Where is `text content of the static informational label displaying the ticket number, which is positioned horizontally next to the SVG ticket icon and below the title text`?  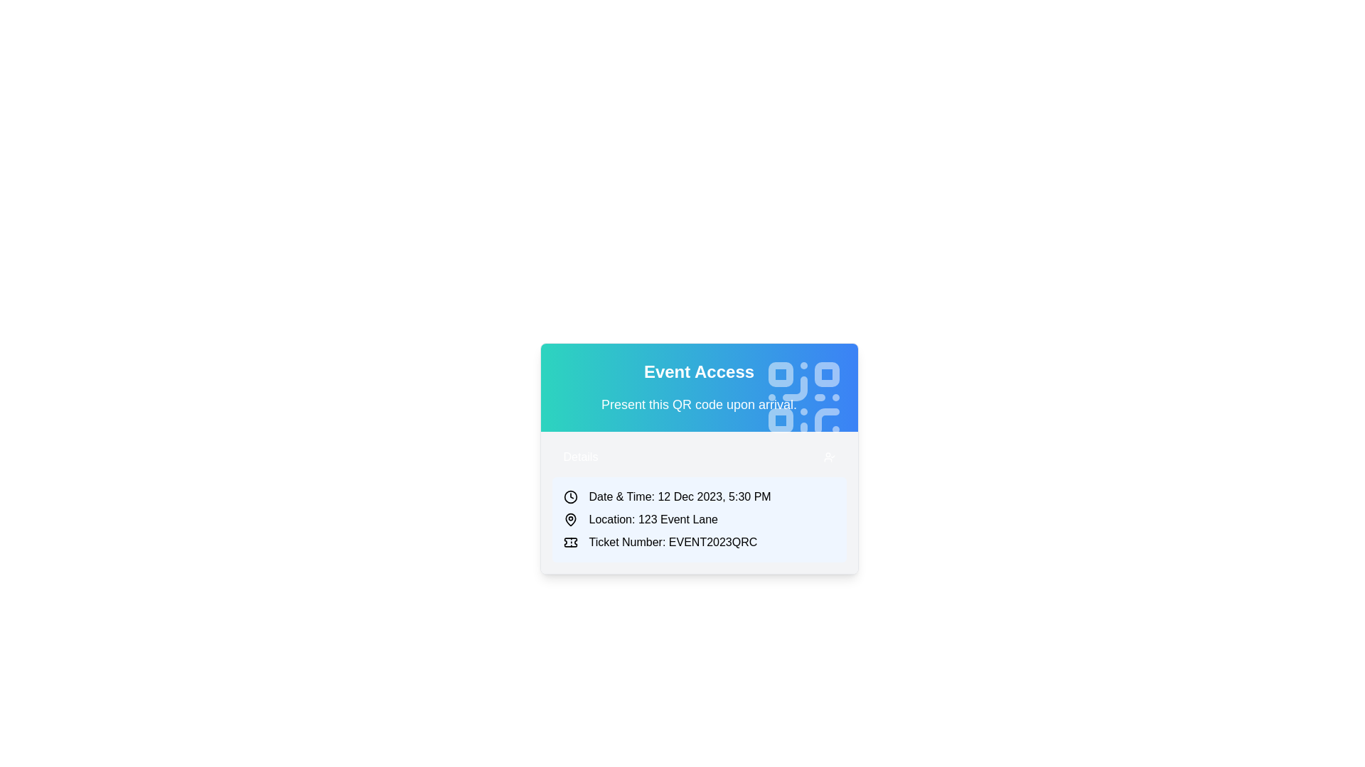 text content of the static informational label displaying the ticket number, which is positioned horizontally next to the SVG ticket icon and below the title text is located at coordinates (672, 542).